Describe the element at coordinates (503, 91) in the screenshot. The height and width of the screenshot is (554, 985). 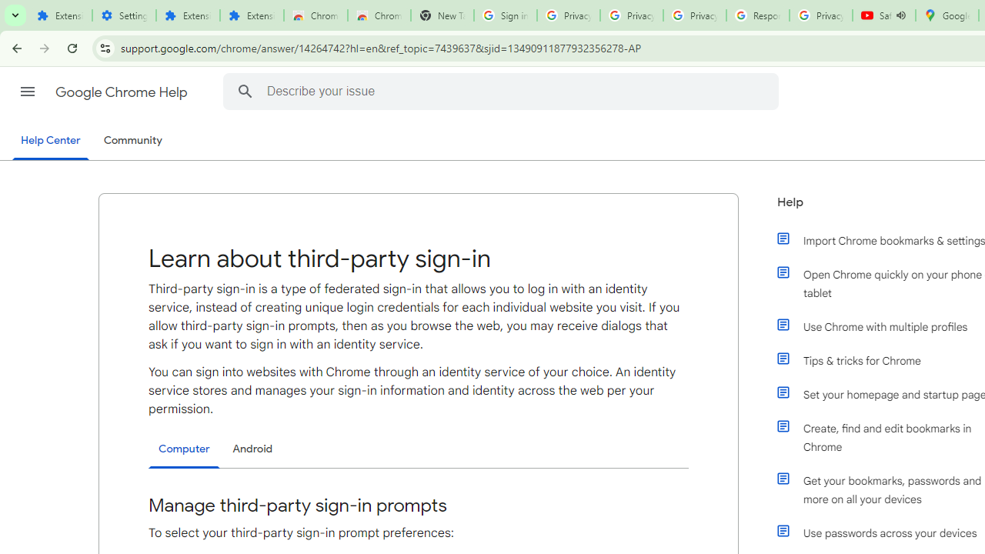
I see `'Describe your issue'` at that location.